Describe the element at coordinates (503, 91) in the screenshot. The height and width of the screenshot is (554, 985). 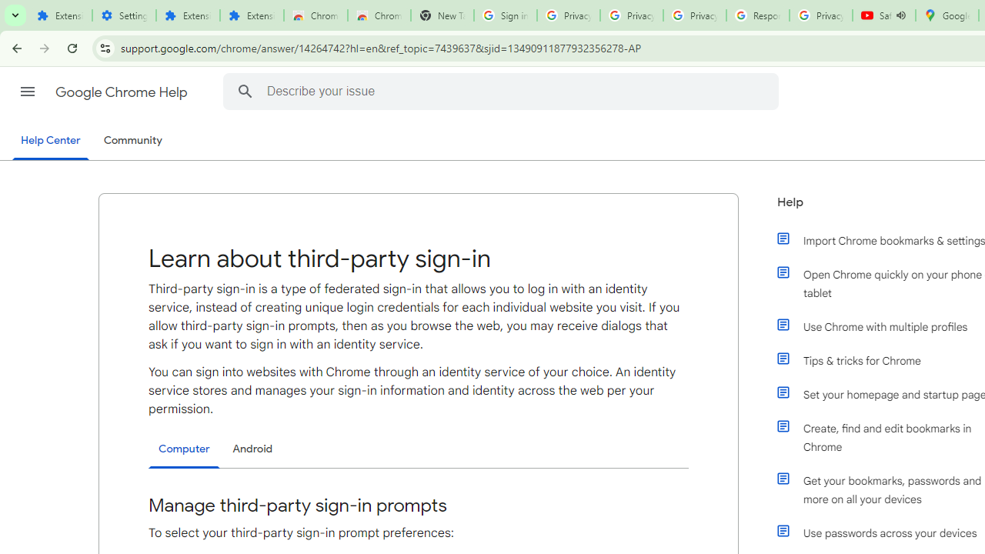
I see `'Describe your issue'` at that location.